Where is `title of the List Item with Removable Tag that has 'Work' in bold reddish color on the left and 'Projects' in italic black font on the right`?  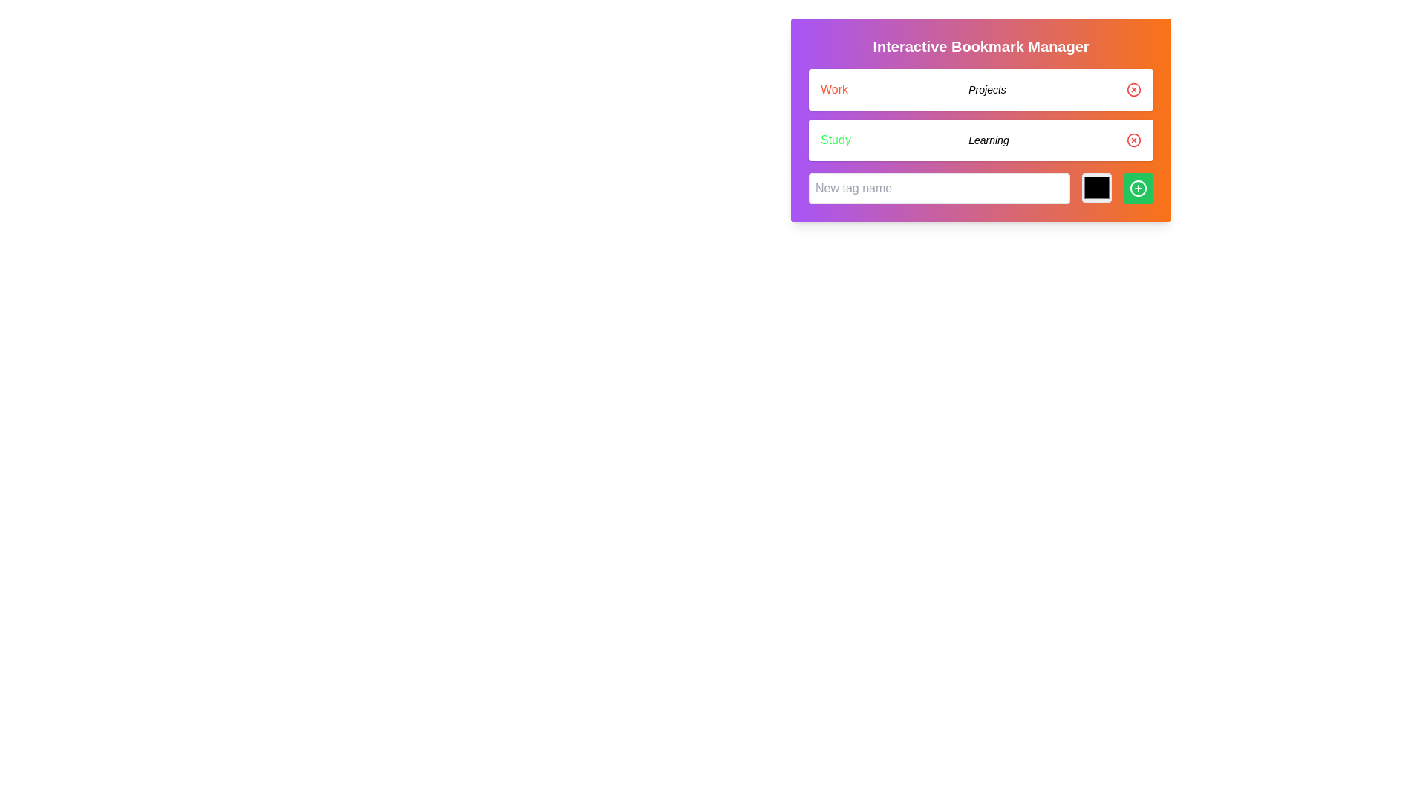
title of the List Item with Removable Tag that has 'Work' in bold reddish color on the left and 'Projects' in italic black font on the right is located at coordinates (980, 89).